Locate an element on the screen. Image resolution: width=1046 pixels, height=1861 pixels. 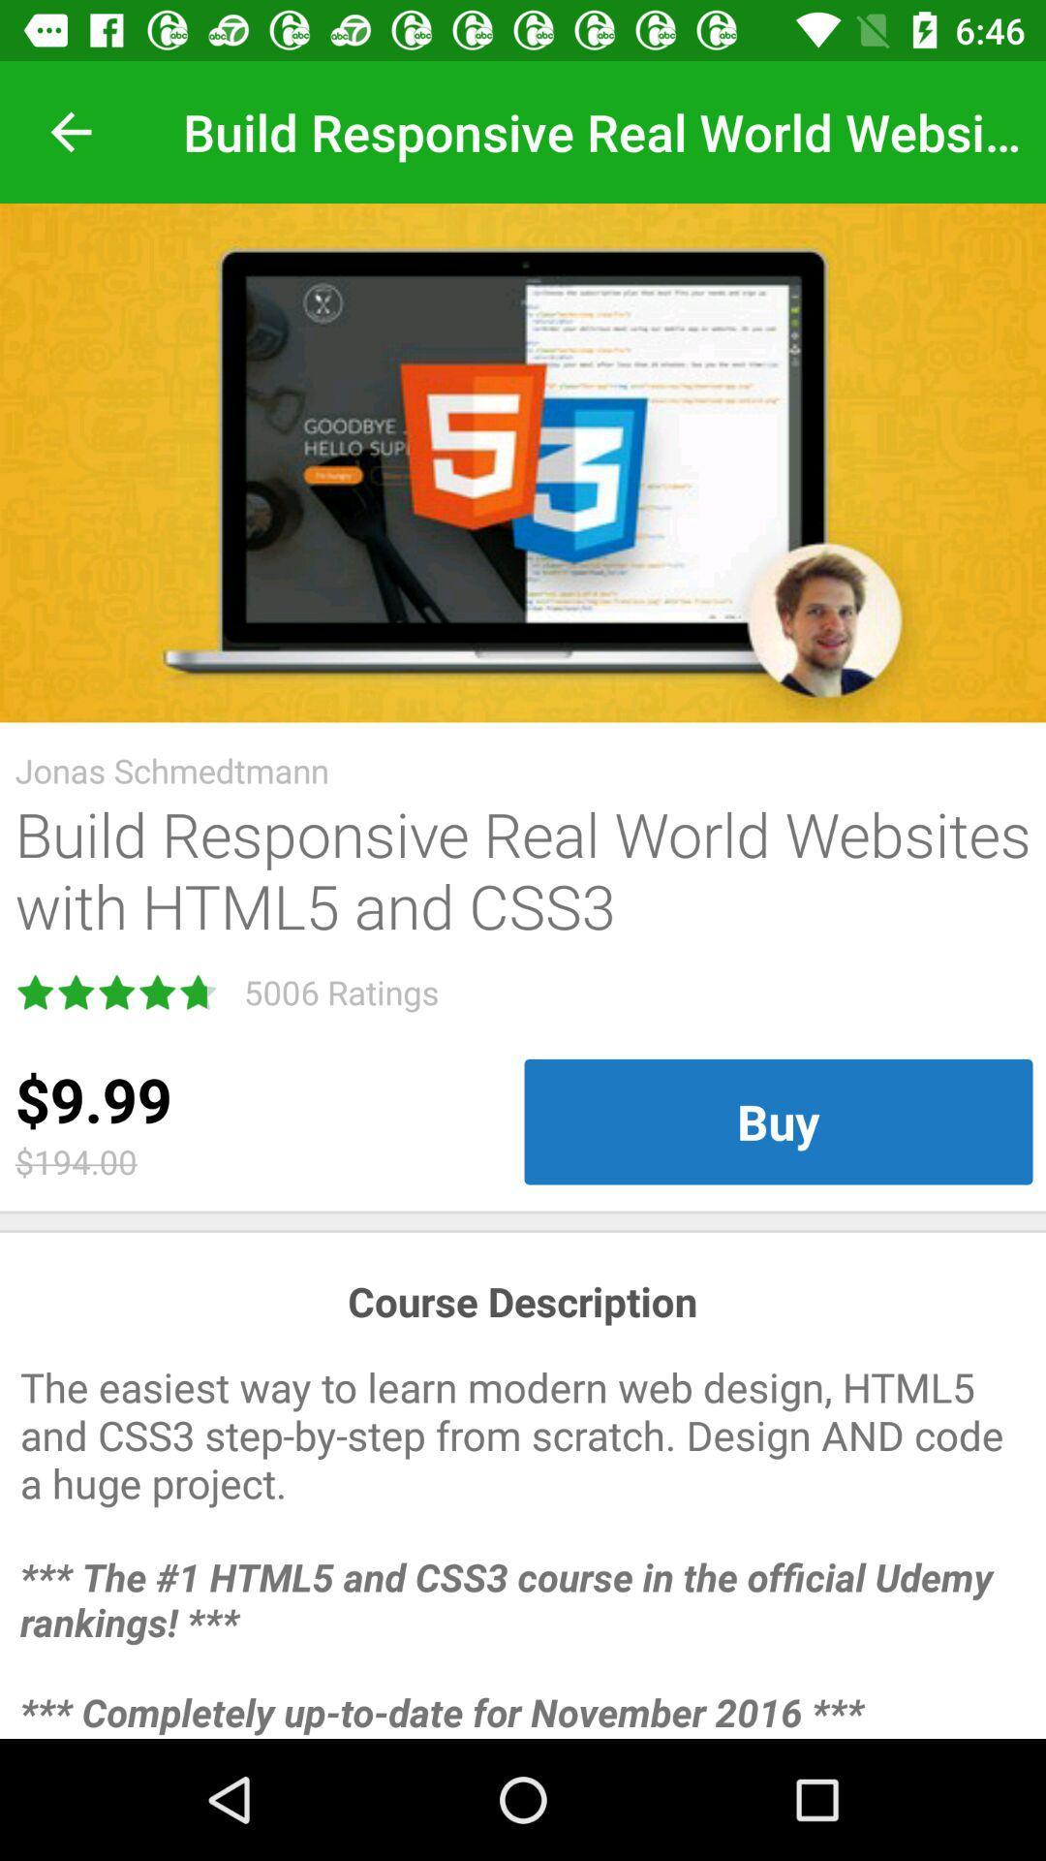
the buy on the right is located at coordinates (777, 1121).